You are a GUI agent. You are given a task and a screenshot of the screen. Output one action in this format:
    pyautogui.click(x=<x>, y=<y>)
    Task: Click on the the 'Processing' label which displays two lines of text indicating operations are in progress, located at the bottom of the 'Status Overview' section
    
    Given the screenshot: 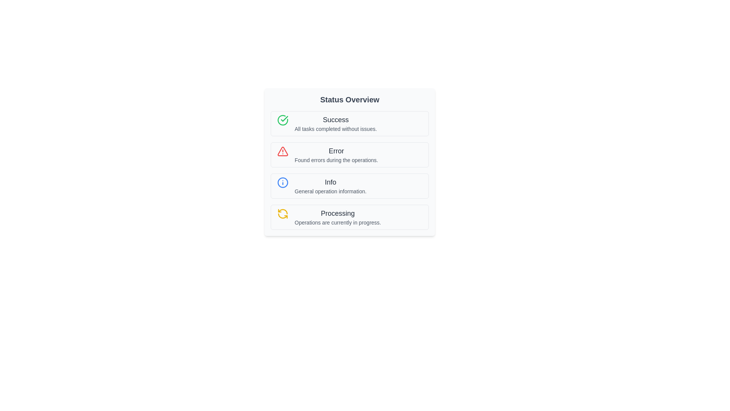 What is the action you would take?
    pyautogui.click(x=337, y=217)
    